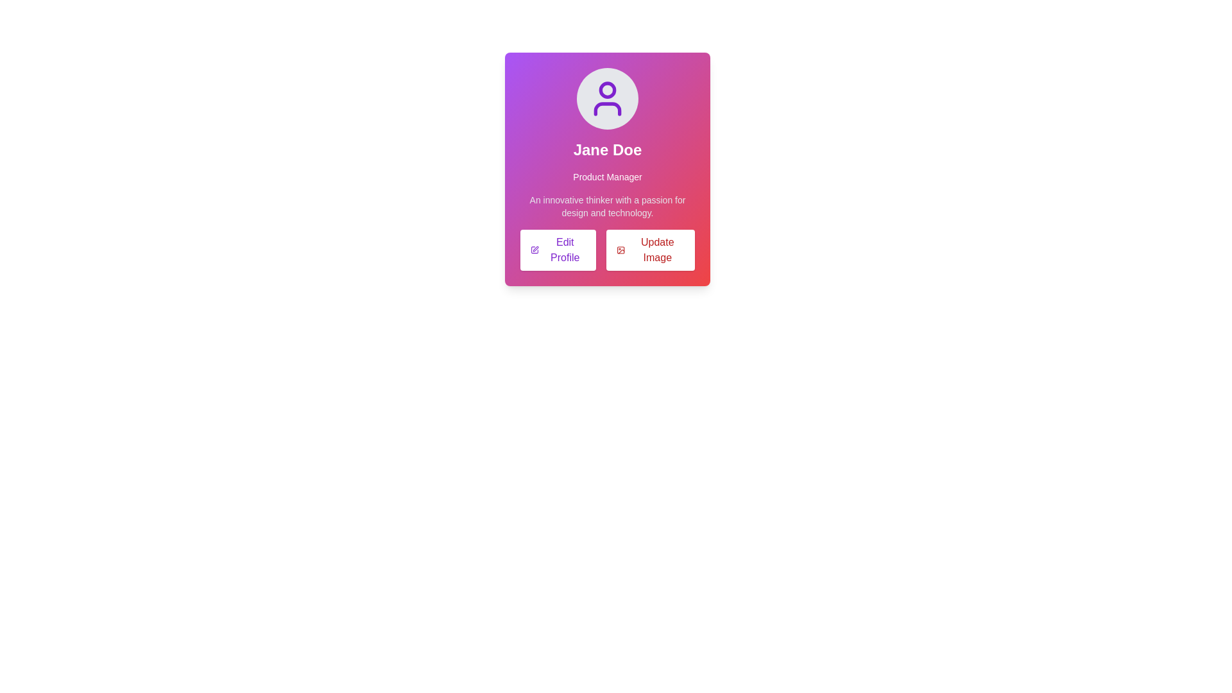 This screenshot has height=693, width=1232. What do you see at coordinates (606, 150) in the screenshot?
I see `the user name 'Jane Doe' displayed prominently within the profile card, which is centrally located below the user's avatar and above the 'Product Manager' text` at bounding box center [606, 150].